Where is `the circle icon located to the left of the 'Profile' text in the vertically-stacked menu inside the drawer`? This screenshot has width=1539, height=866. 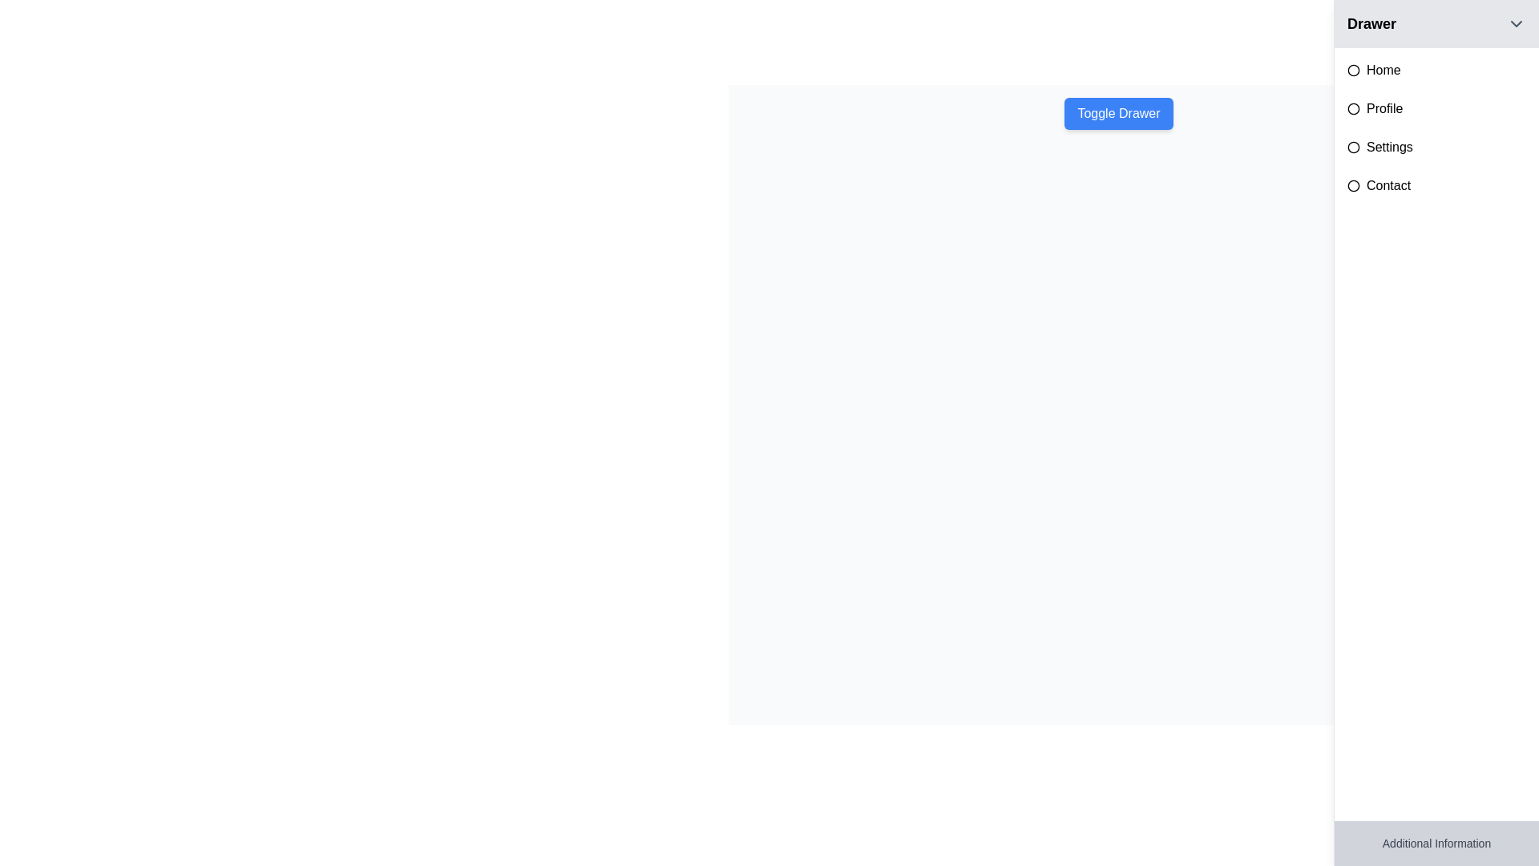 the circle icon located to the left of the 'Profile' text in the vertically-stacked menu inside the drawer is located at coordinates (1353, 108).